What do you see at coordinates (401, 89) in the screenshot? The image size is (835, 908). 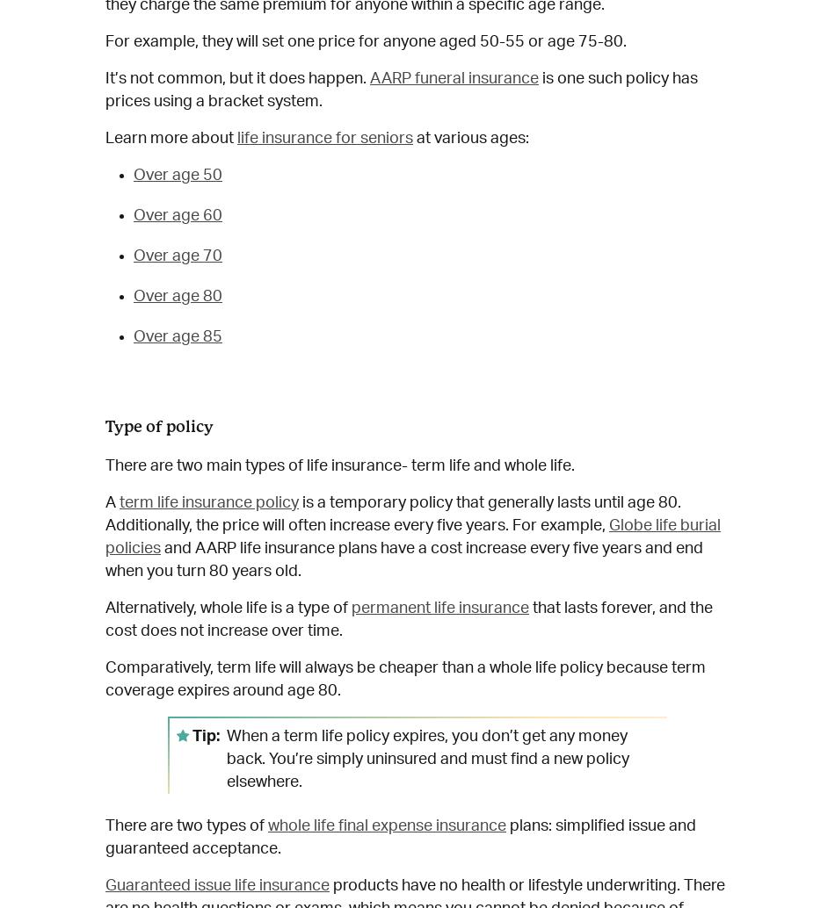 I see `'is one such policy has prices using a bracket system.'` at bounding box center [401, 89].